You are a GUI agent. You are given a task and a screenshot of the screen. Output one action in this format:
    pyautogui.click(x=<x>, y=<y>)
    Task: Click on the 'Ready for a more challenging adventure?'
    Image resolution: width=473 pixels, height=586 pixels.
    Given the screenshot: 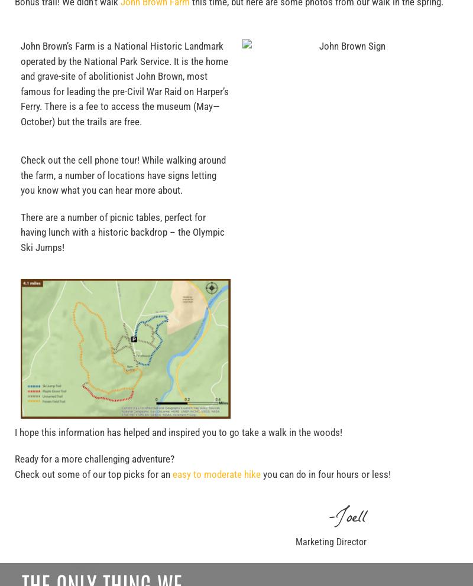 What is the action you would take?
    pyautogui.click(x=95, y=458)
    